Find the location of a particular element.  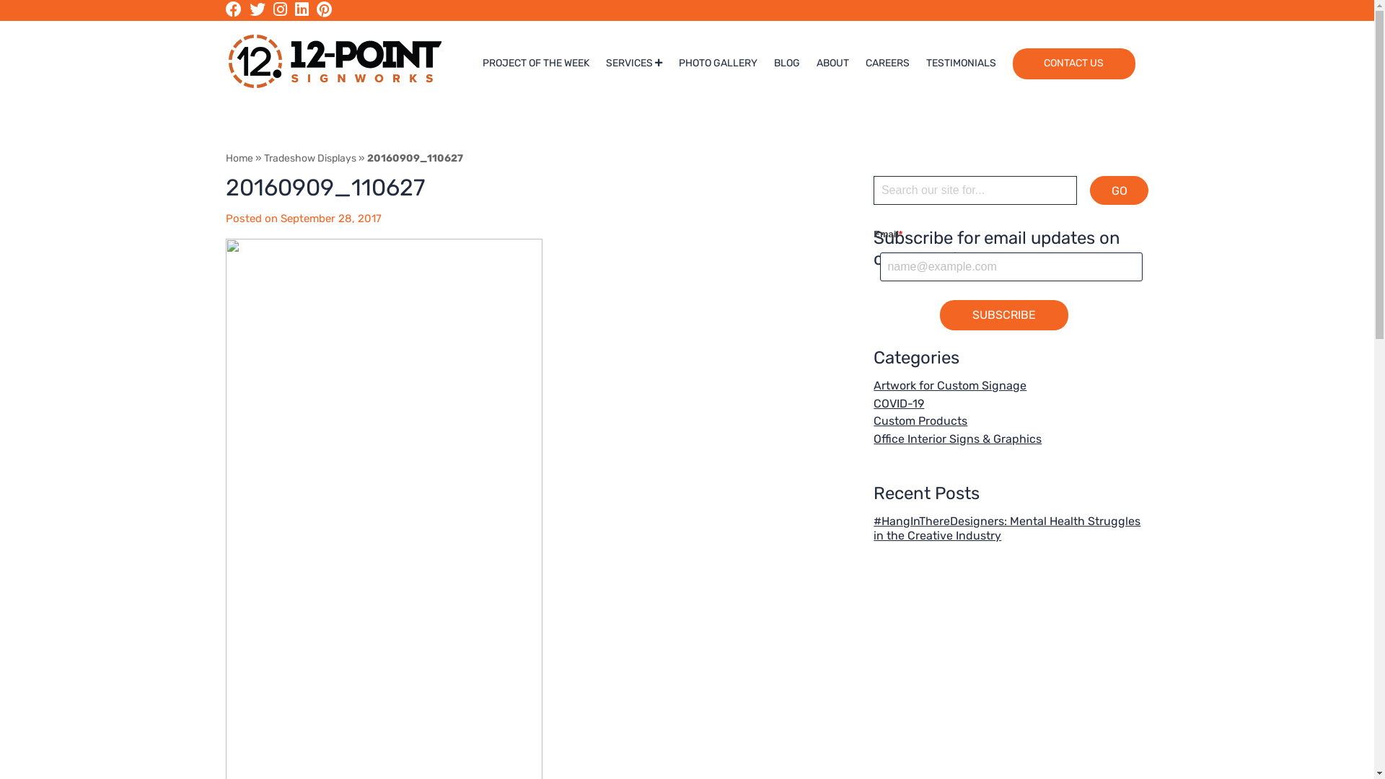

'BLOG' is located at coordinates (786, 63).